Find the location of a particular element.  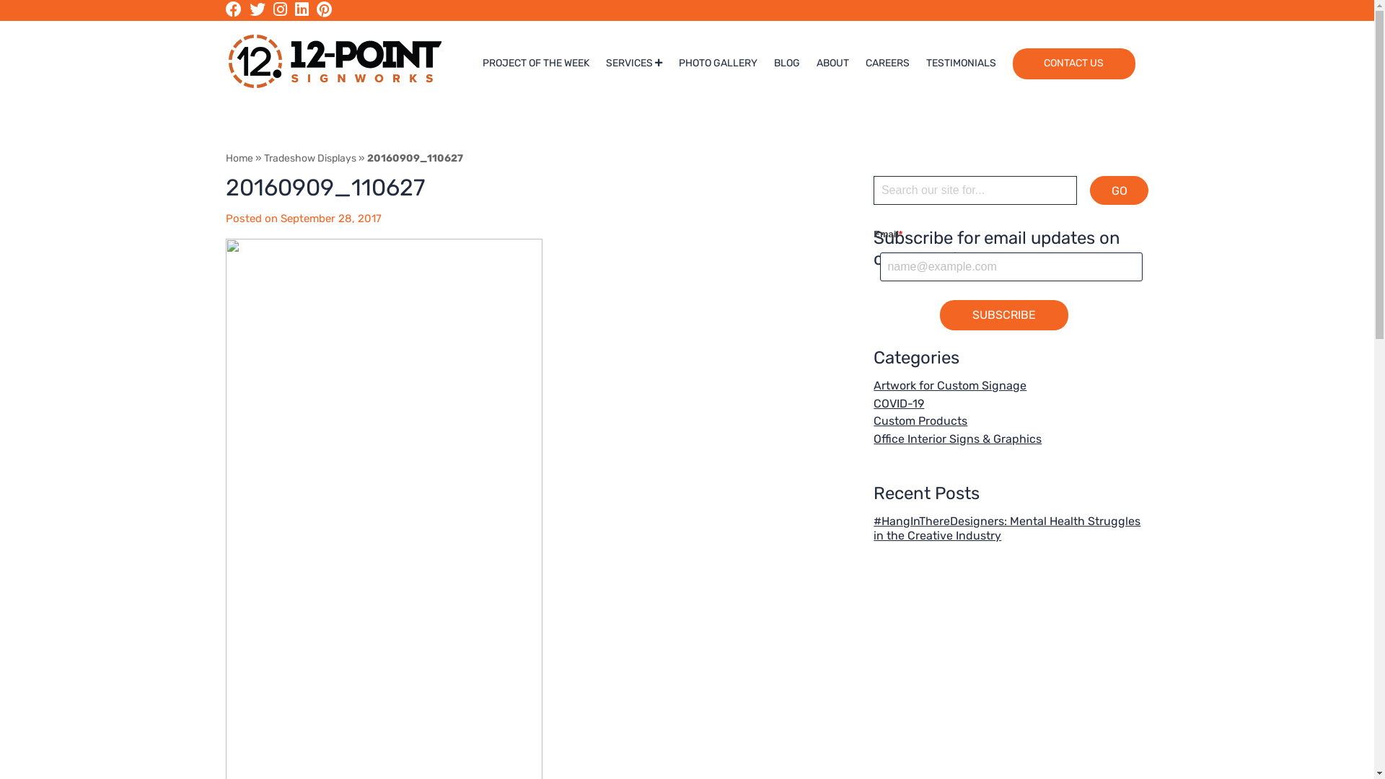

'BLOG' is located at coordinates (786, 63).